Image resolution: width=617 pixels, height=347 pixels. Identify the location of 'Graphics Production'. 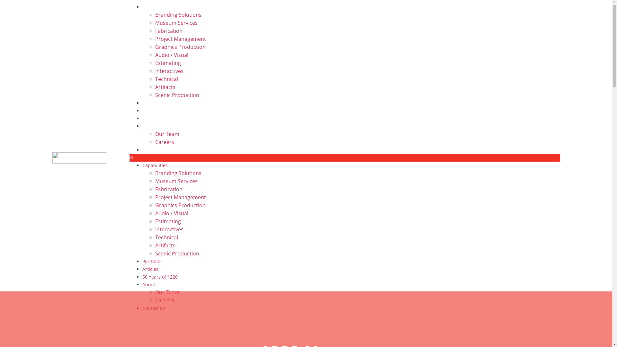
(180, 205).